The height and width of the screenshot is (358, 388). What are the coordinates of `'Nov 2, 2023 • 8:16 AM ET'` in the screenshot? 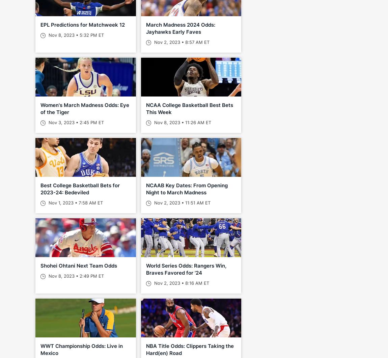 It's located at (152, 283).